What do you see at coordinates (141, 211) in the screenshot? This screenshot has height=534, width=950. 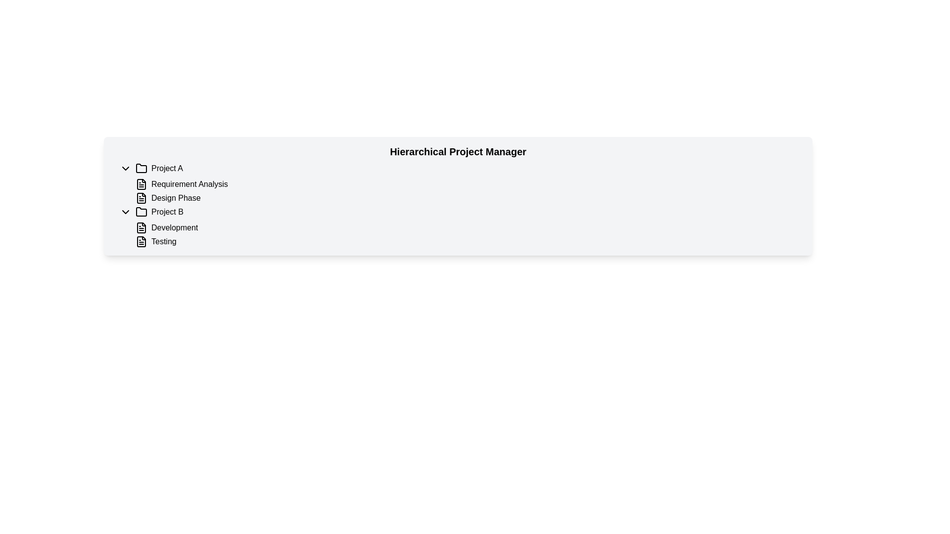 I see `the folder icon representing 'Project B'` at bounding box center [141, 211].